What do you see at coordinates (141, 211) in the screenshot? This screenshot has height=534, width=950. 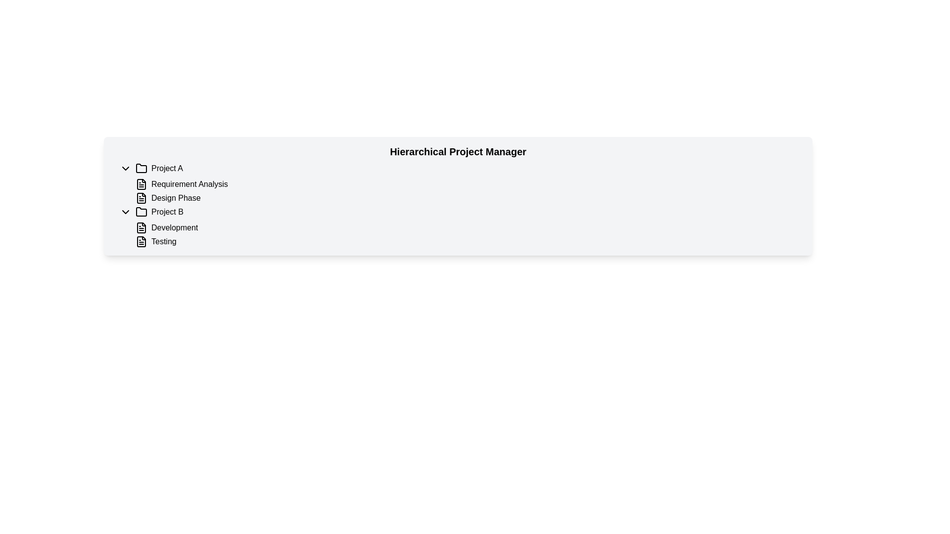 I see `the folder icon representing 'Project B'` at bounding box center [141, 211].